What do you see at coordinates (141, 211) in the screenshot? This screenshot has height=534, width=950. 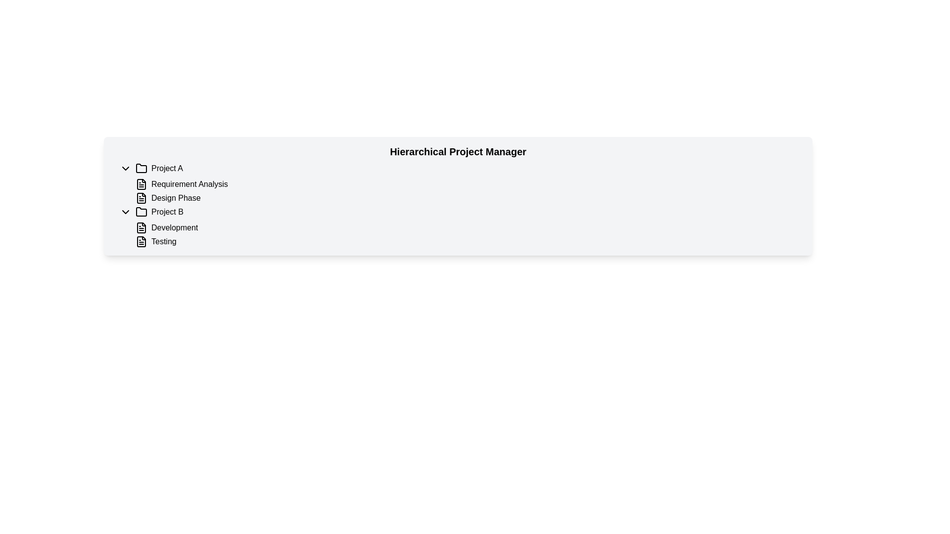 I see `the folder icon representing 'Project B'` at bounding box center [141, 211].